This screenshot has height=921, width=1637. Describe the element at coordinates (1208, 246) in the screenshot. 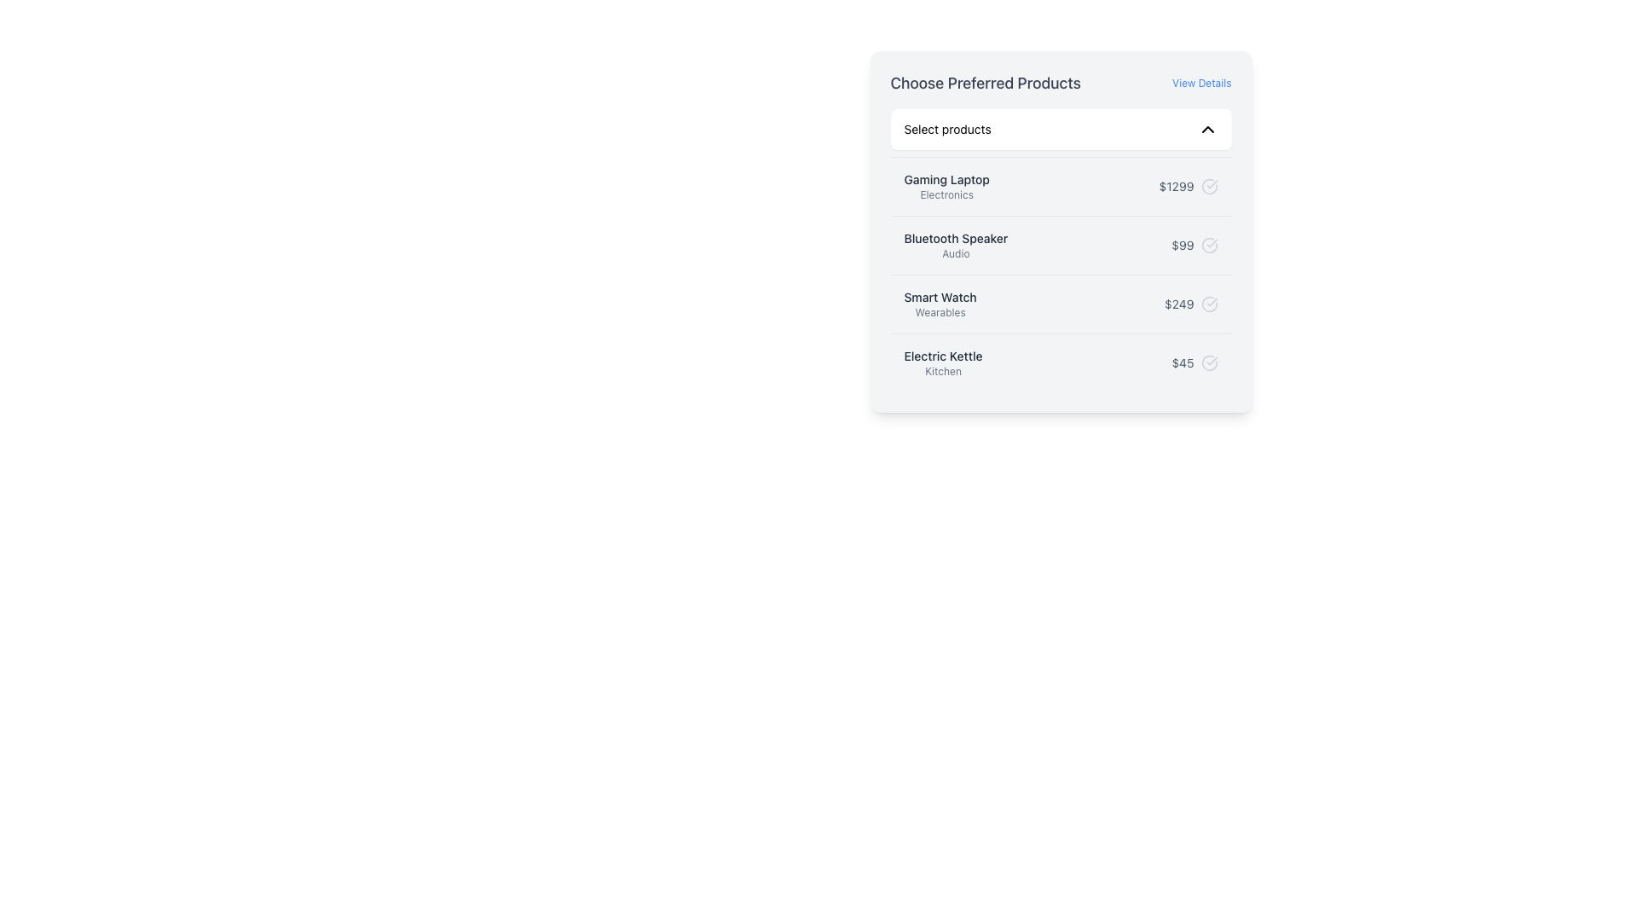

I see `the small round checkmark icon located to the right of the 'Bluetooth Speaker' label and next to the price '$99' to interact with it` at that location.